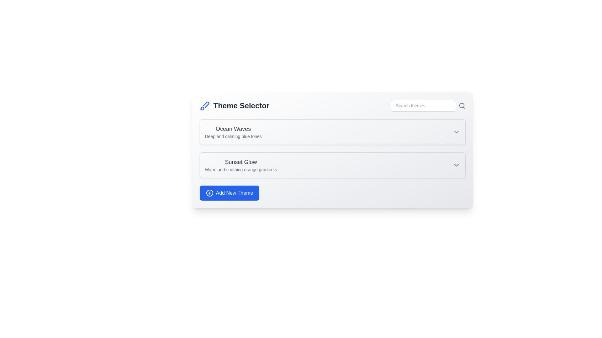  What do you see at coordinates (233, 131) in the screenshot?
I see `the text display component that shows the title and description of the selected theme option, located above the 'Sunset Glow' theme` at bounding box center [233, 131].